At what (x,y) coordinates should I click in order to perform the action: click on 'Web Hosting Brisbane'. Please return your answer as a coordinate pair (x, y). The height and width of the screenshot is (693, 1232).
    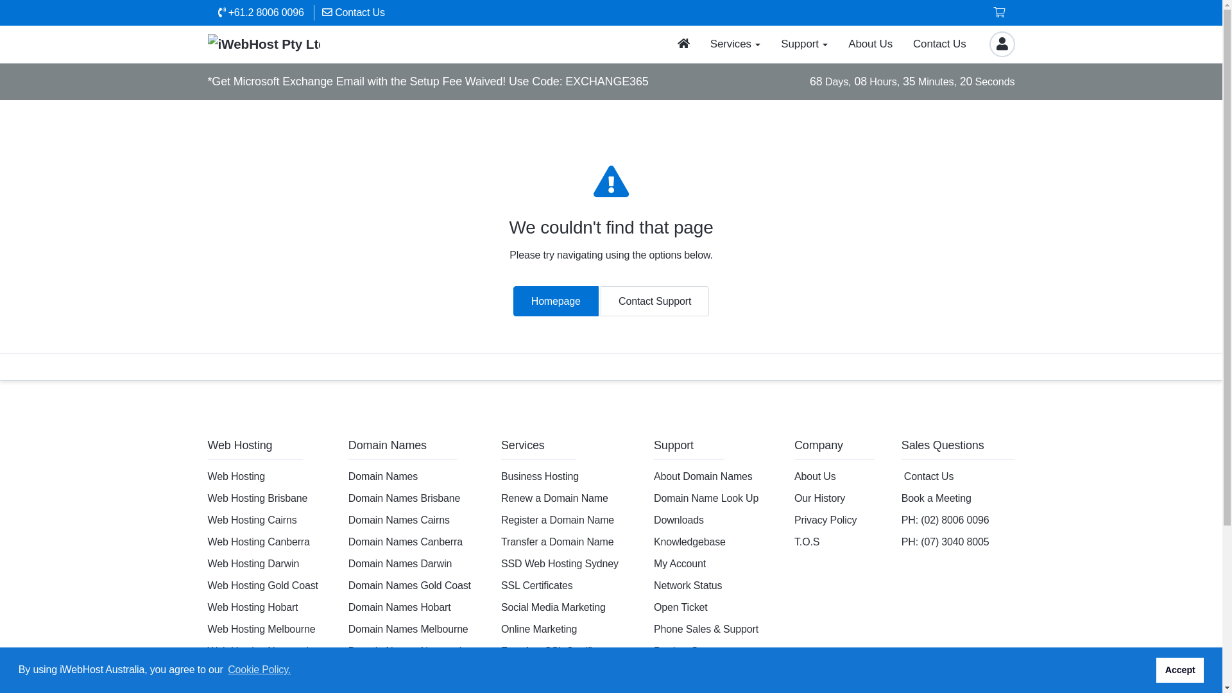
    Looking at the image, I should click on (257, 497).